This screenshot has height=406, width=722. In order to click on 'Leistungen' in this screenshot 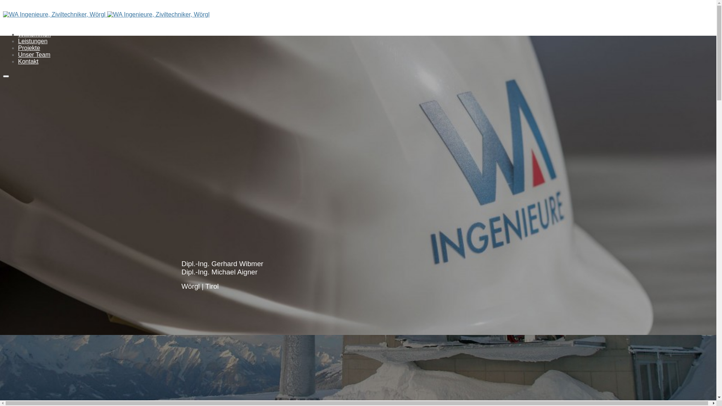, I will do `click(32, 41)`.